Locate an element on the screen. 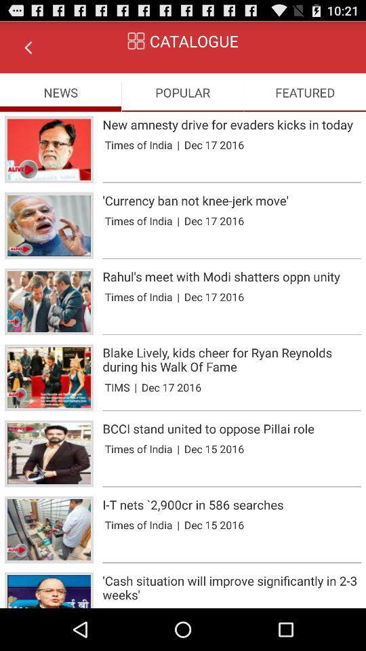 The image size is (366, 651). the icon to the left of the dec 17 2016 app is located at coordinates (136, 387).